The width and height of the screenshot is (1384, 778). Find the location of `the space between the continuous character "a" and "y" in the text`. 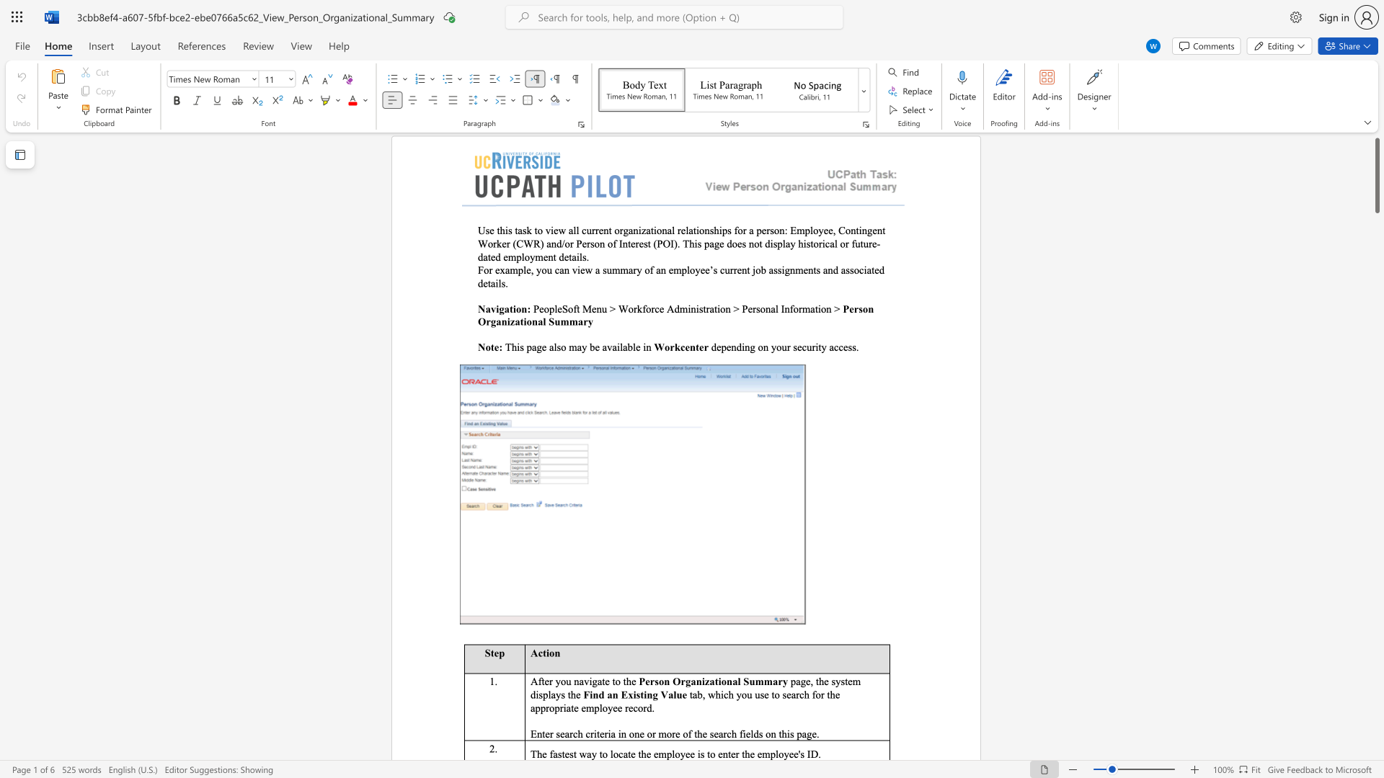

the space between the continuous character "a" and "y" in the text is located at coordinates (591, 753).